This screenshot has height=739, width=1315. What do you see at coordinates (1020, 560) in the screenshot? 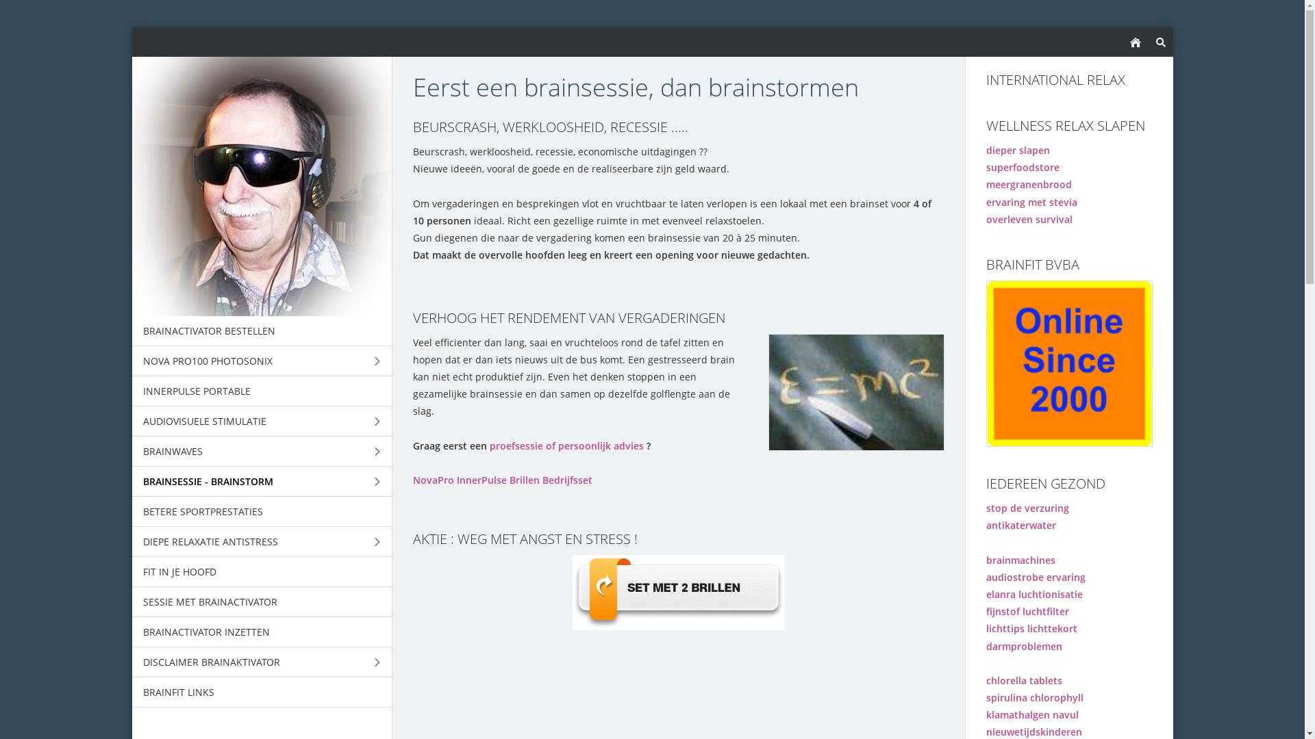
I see `'brainmachines'` at bounding box center [1020, 560].